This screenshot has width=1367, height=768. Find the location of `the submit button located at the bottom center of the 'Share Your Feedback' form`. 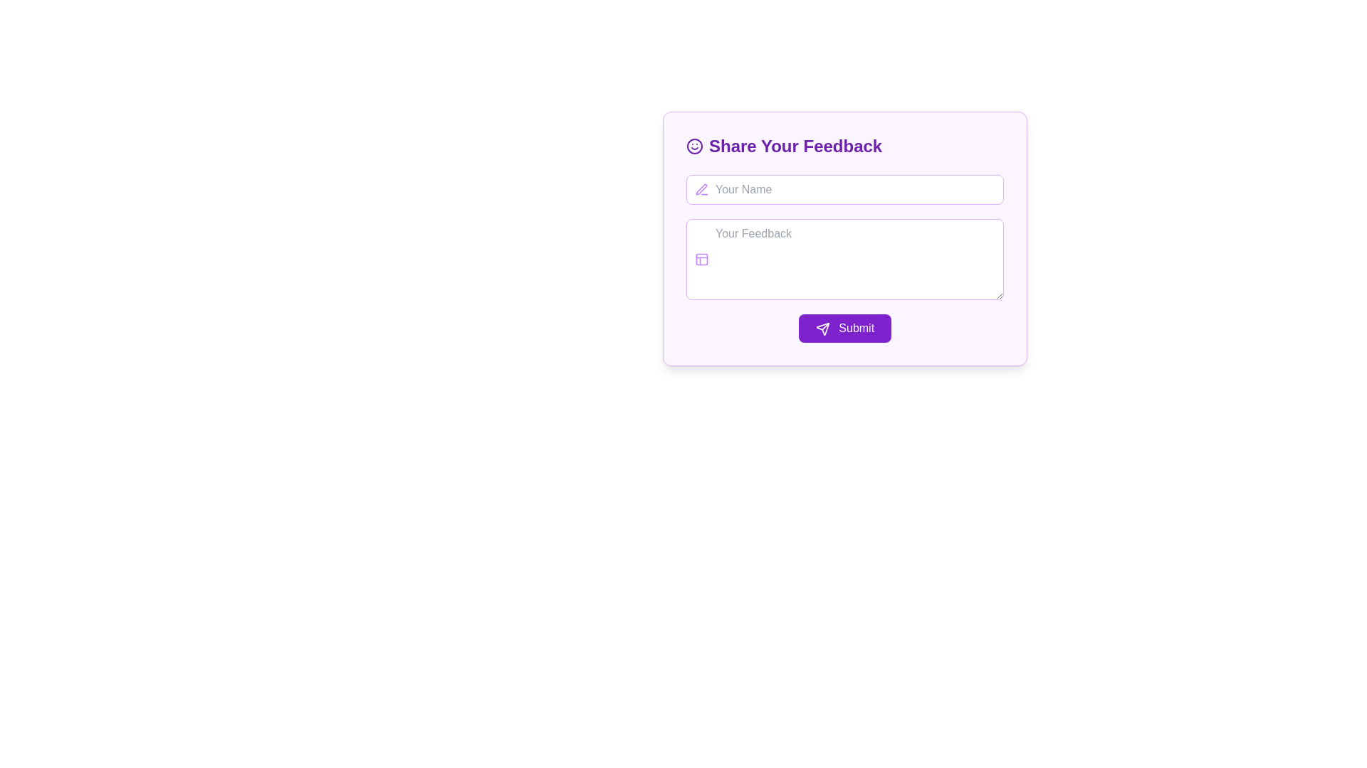

the submit button located at the bottom center of the 'Share Your Feedback' form is located at coordinates (844, 329).